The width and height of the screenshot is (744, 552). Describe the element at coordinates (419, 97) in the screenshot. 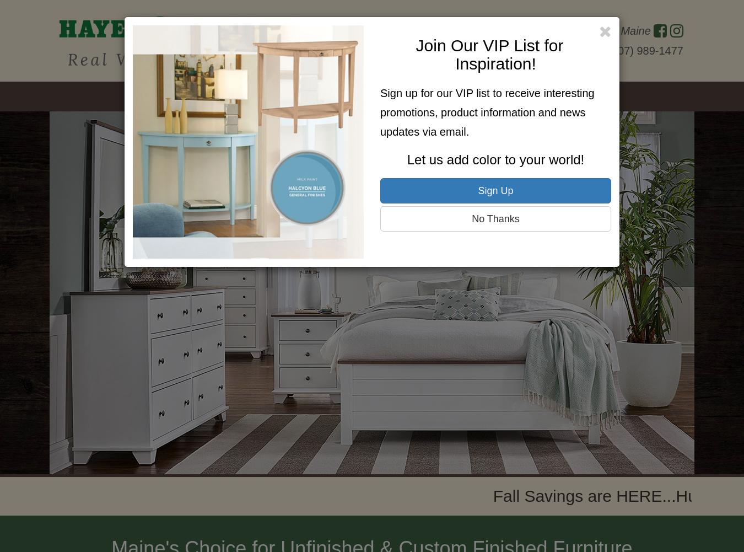

I see `'Creative Finishes'` at that location.